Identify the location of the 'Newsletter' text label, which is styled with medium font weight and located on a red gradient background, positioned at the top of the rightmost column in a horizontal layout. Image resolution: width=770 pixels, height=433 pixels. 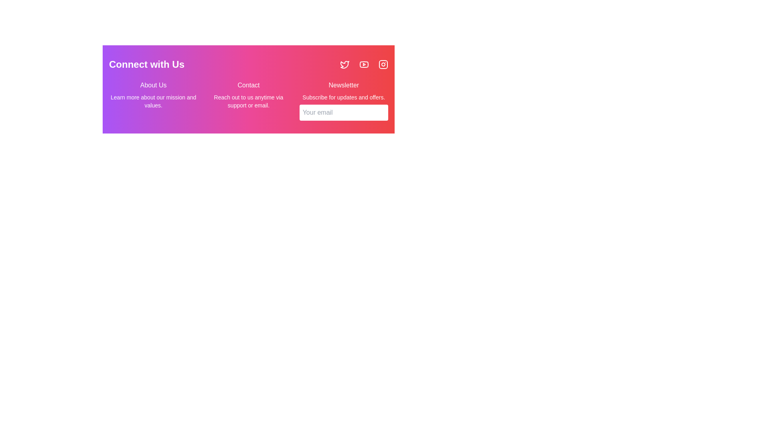
(344, 85).